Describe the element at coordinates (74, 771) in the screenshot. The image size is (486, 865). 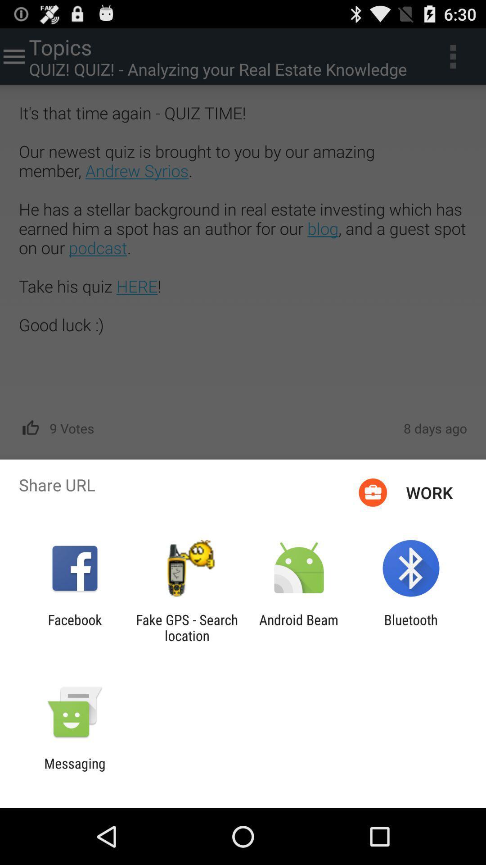
I see `messaging item` at that location.